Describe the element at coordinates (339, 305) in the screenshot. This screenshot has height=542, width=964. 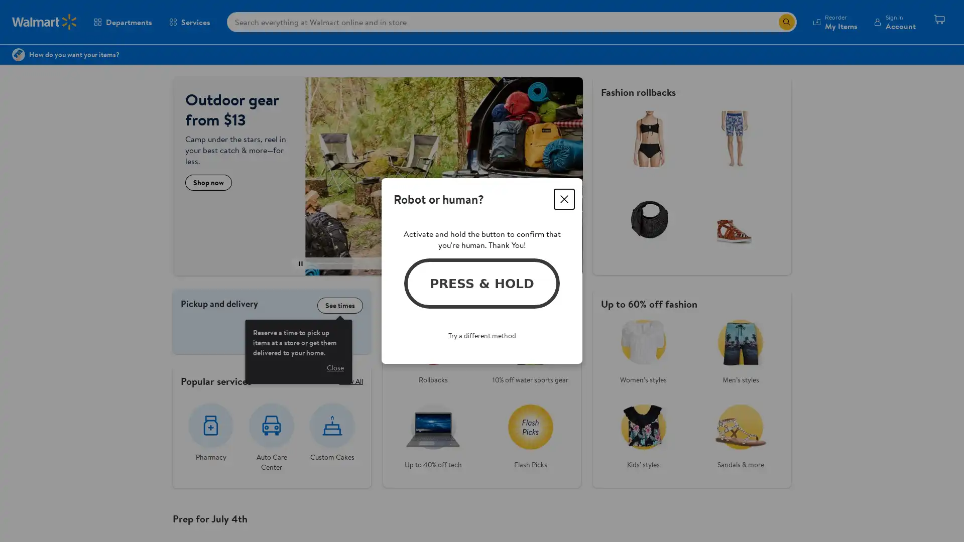
I see `See times for pickup and delivery Reserve a time to pick up items at a store or get them delivered to your home.` at that location.